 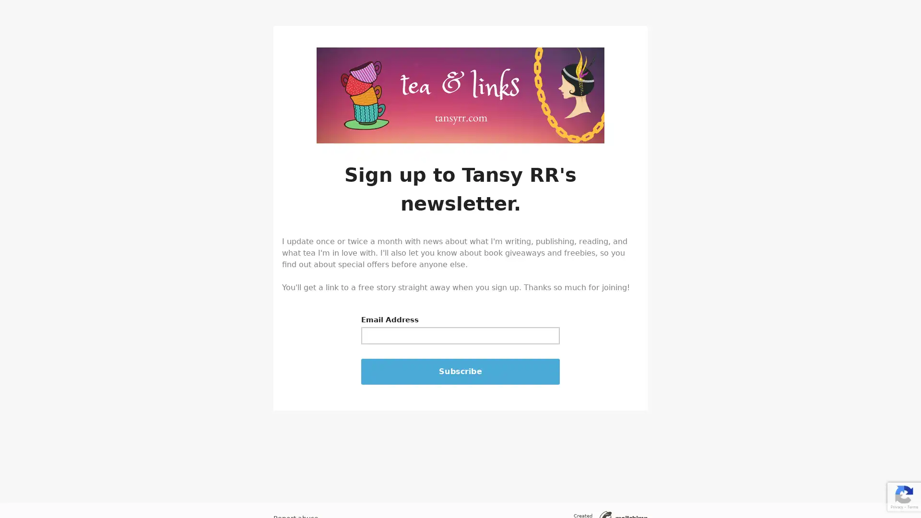 I want to click on Subscribe, so click(x=460, y=371).